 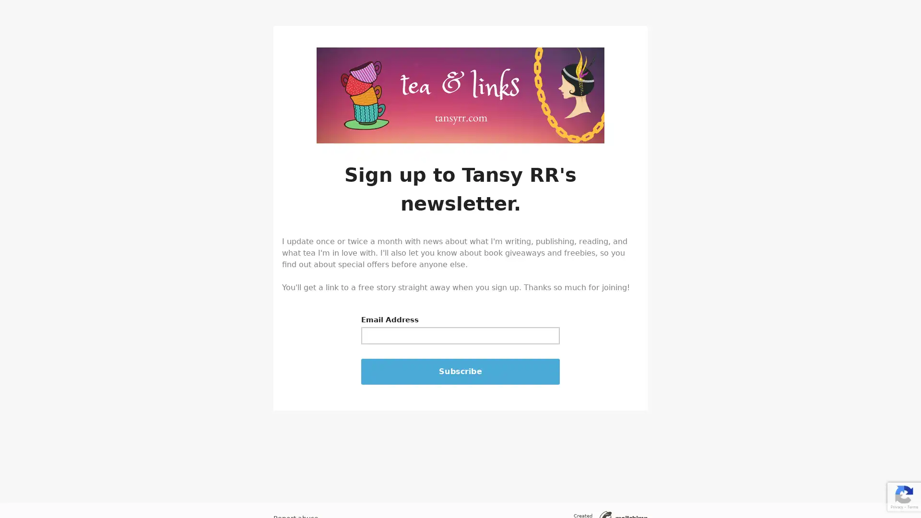 I want to click on Subscribe, so click(x=460, y=371).